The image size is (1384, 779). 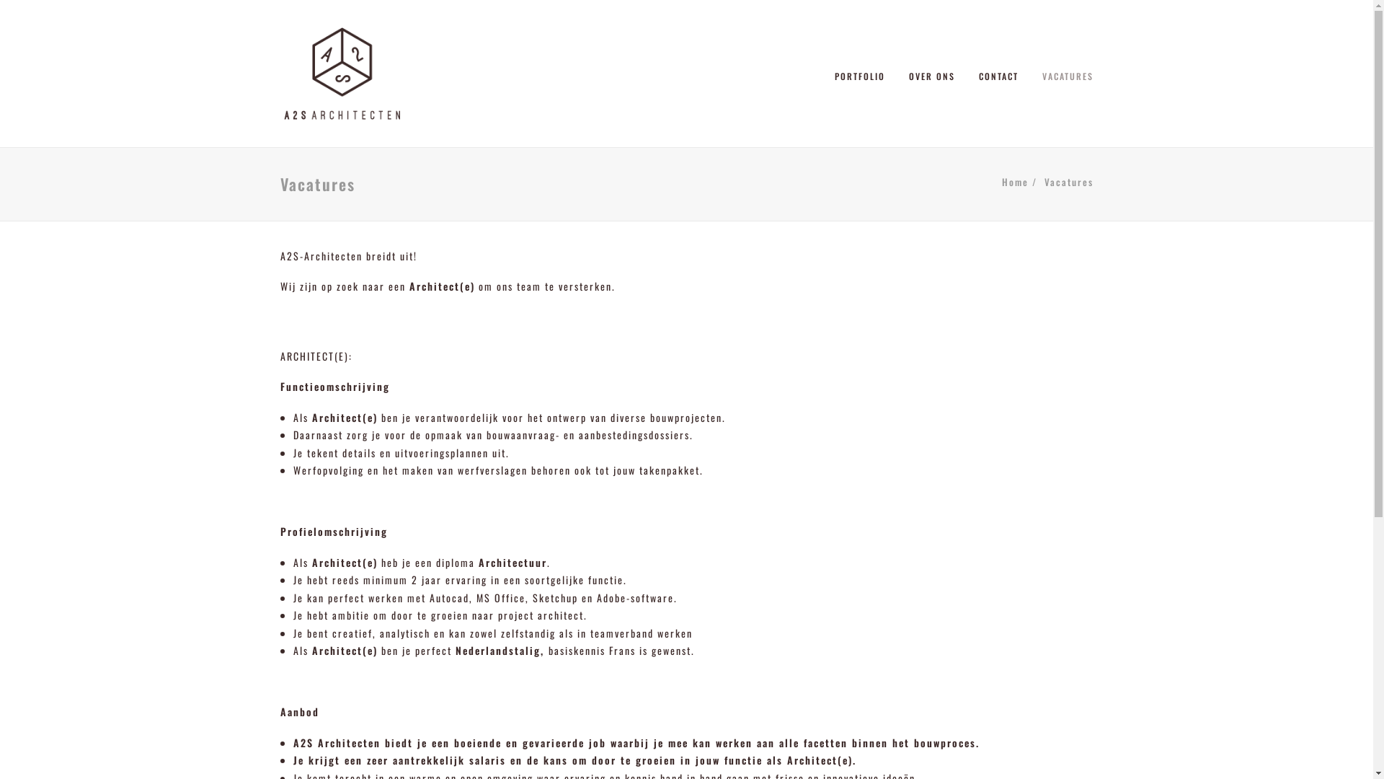 What do you see at coordinates (969, 73) in the screenshot?
I see `'CONTACT'` at bounding box center [969, 73].